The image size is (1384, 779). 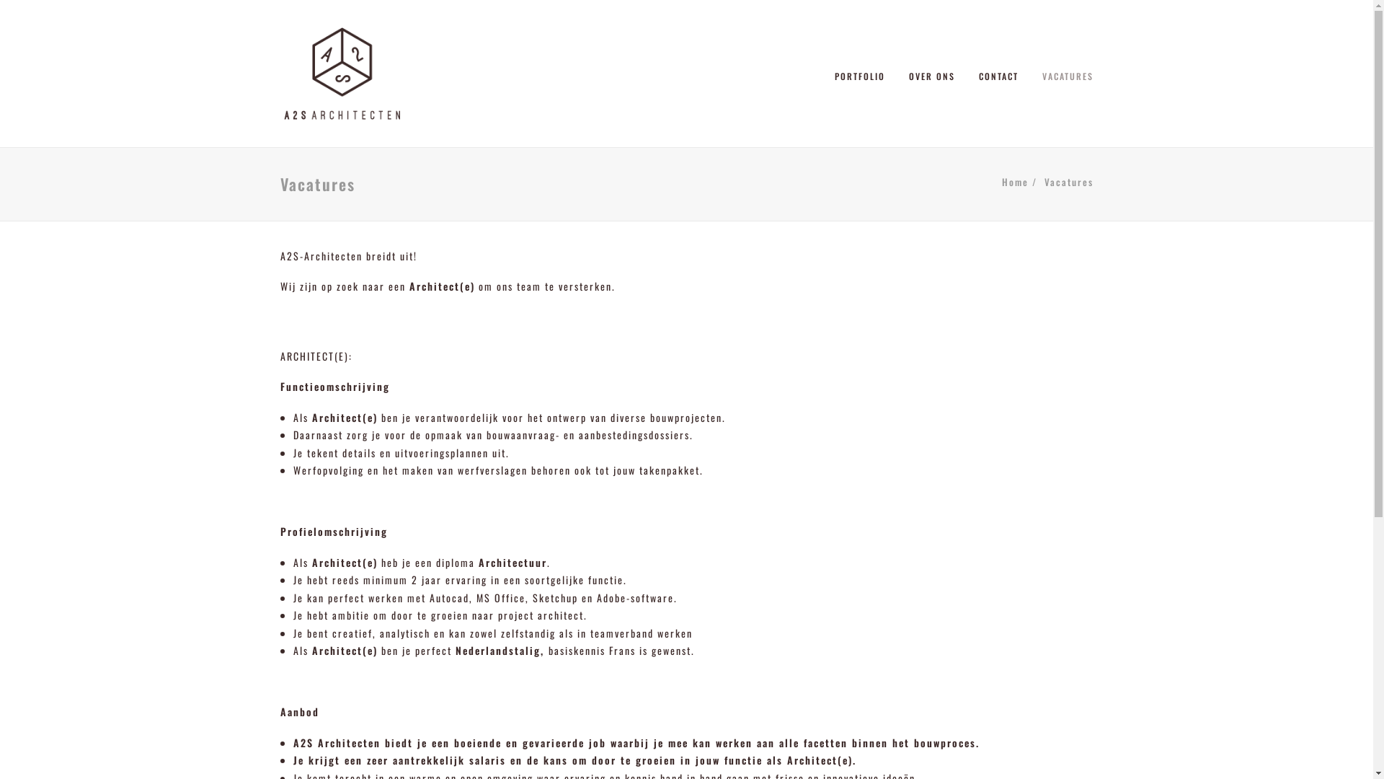 What do you see at coordinates (969, 73) in the screenshot?
I see `'CONTACT'` at bounding box center [969, 73].